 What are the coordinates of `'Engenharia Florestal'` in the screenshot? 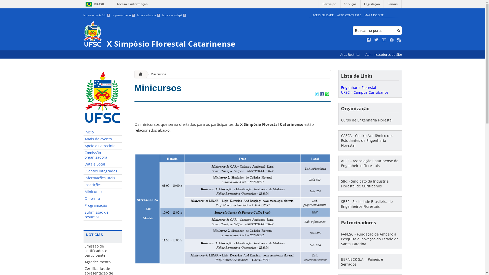 It's located at (358, 87).